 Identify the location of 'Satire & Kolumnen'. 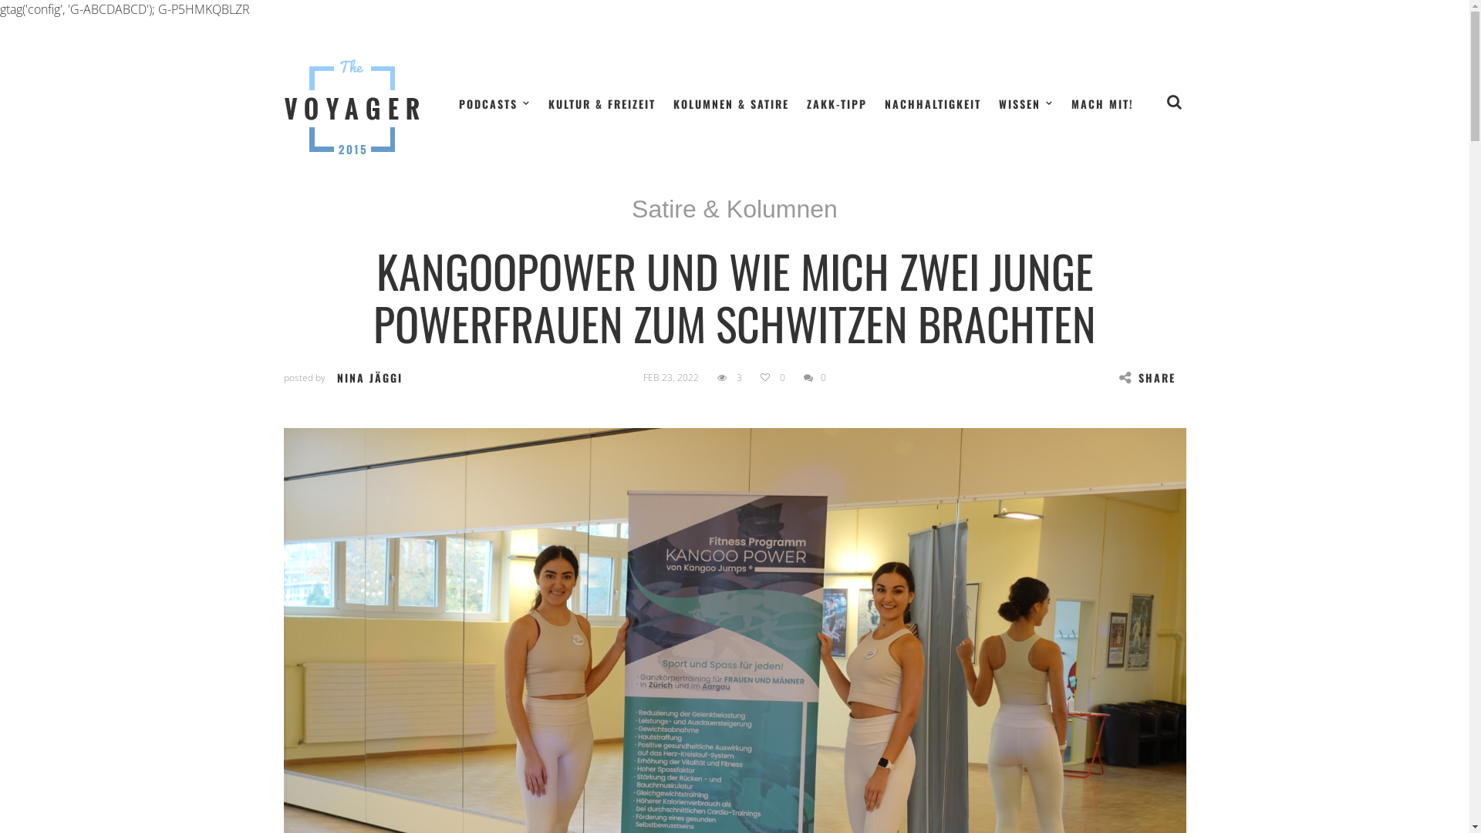
(734, 208).